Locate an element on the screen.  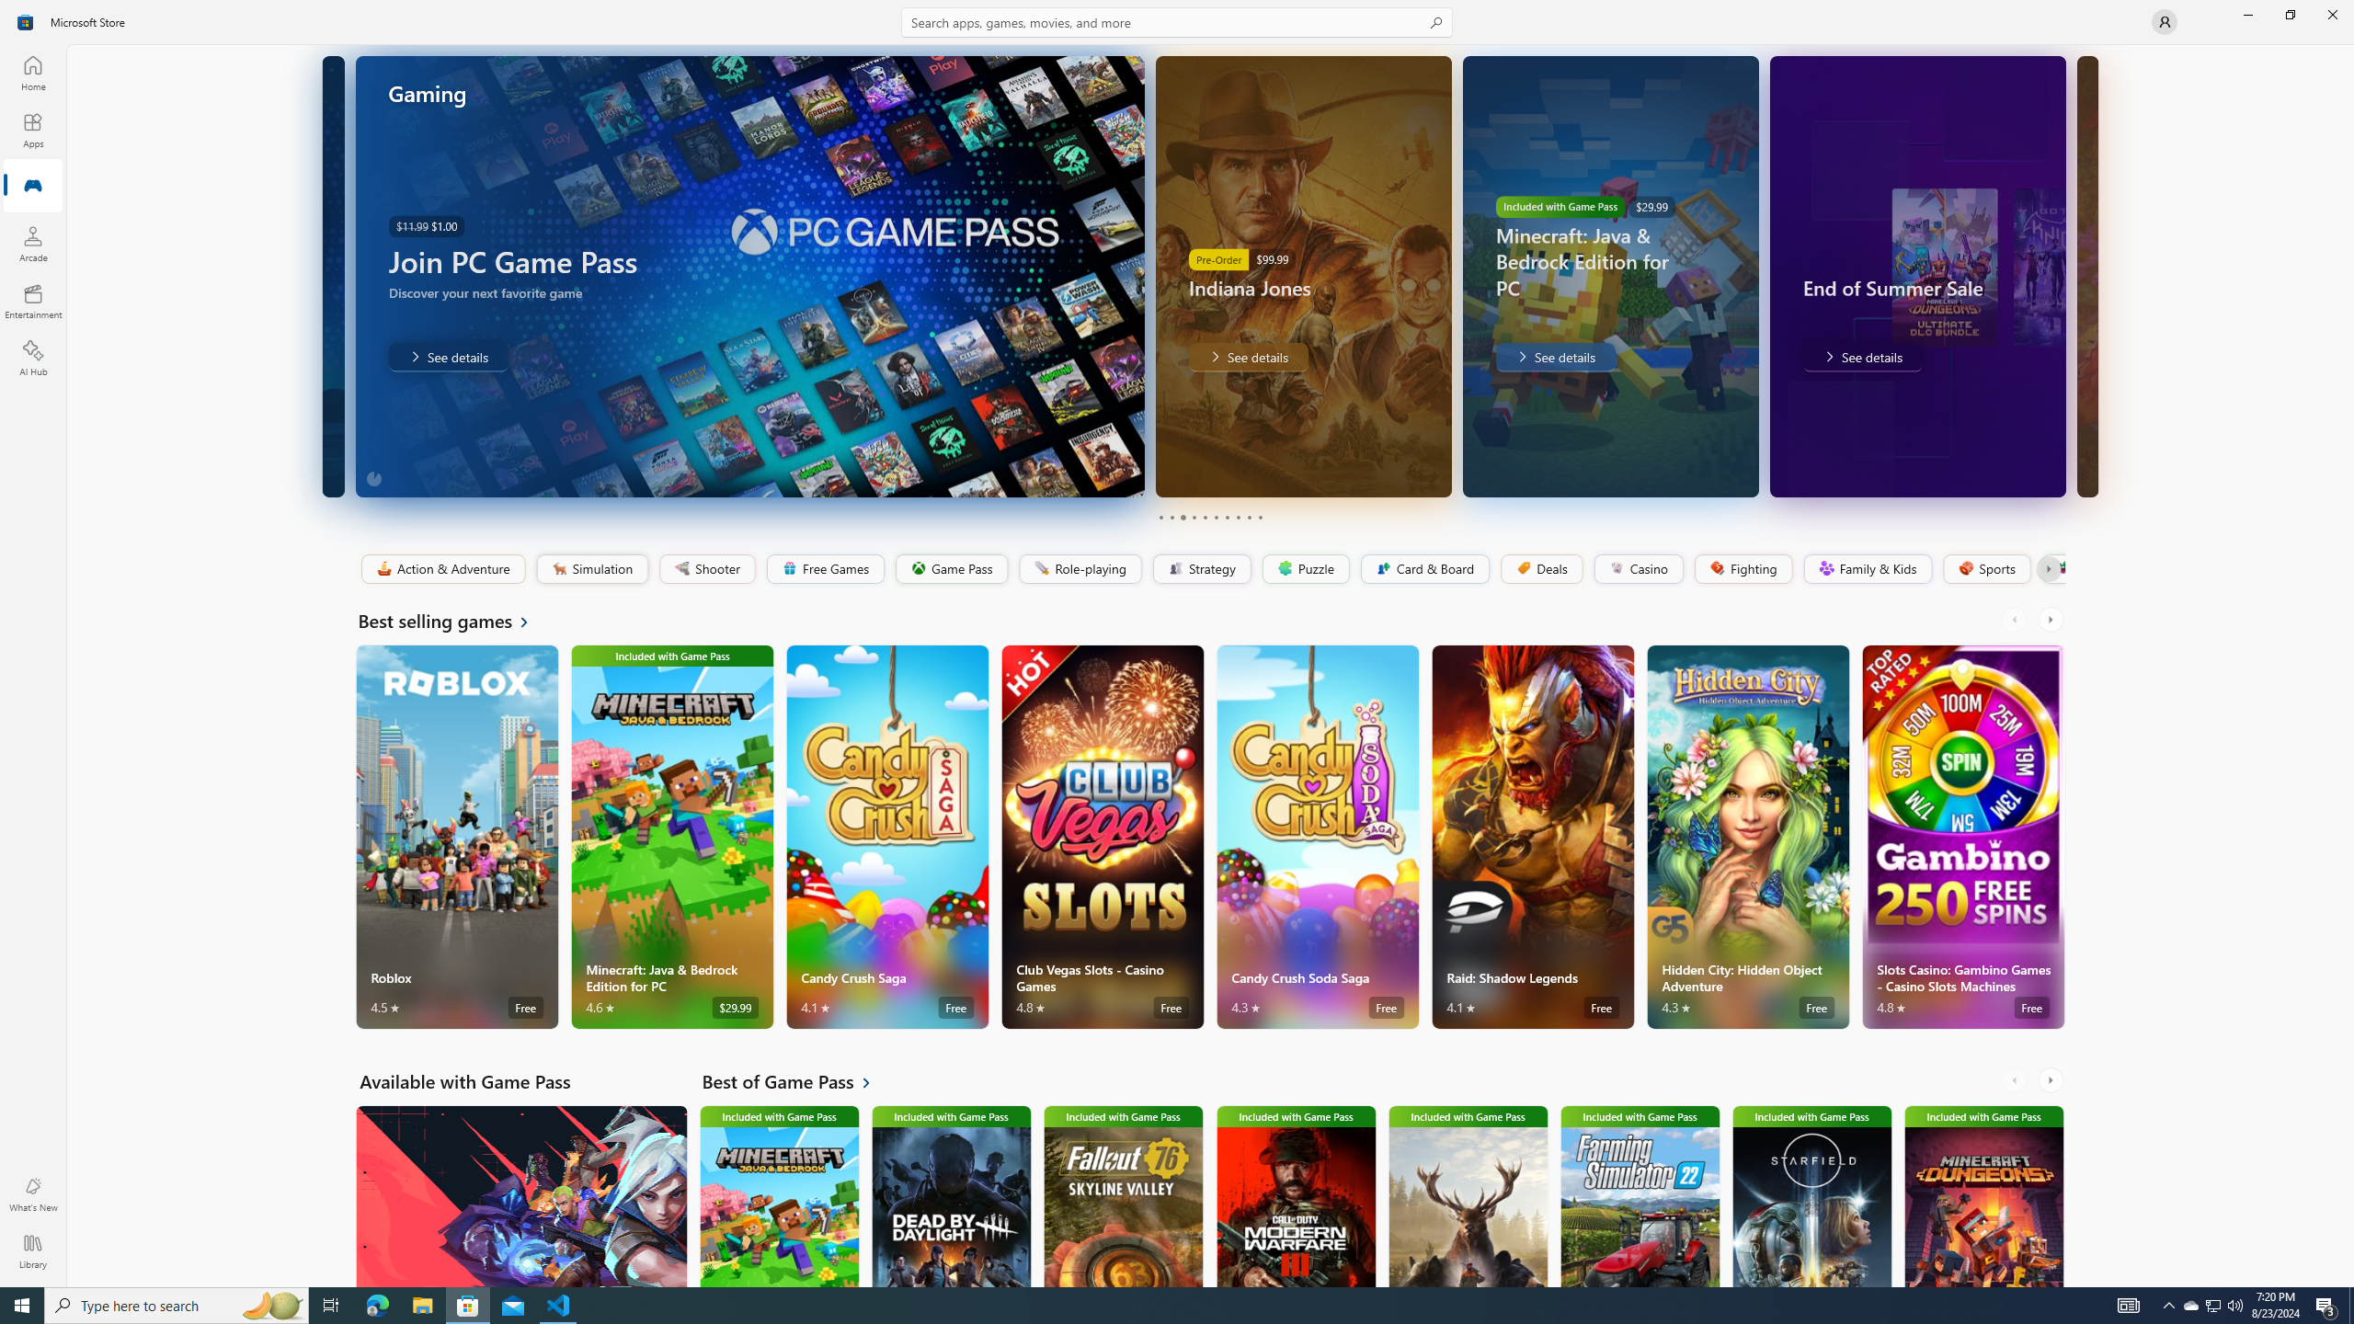
'Family & Kids' is located at coordinates (1867, 568).